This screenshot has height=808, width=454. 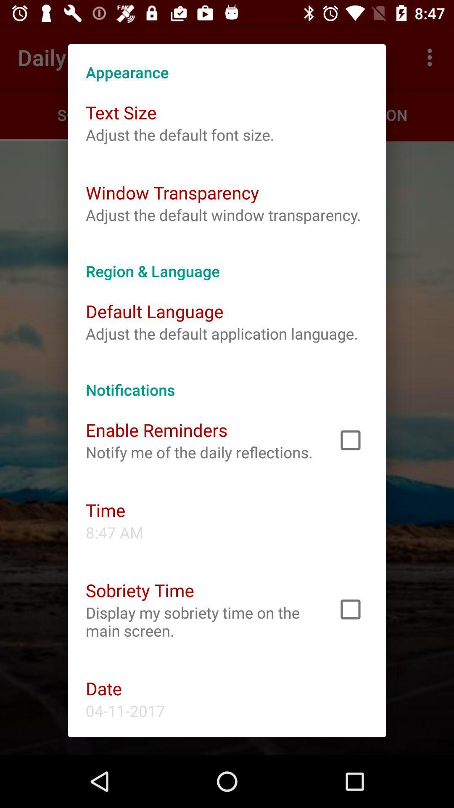 What do you see at coordinates (199, 452) in the screenshot?
I see `icon above the time item` at bounding box center [199, 452].